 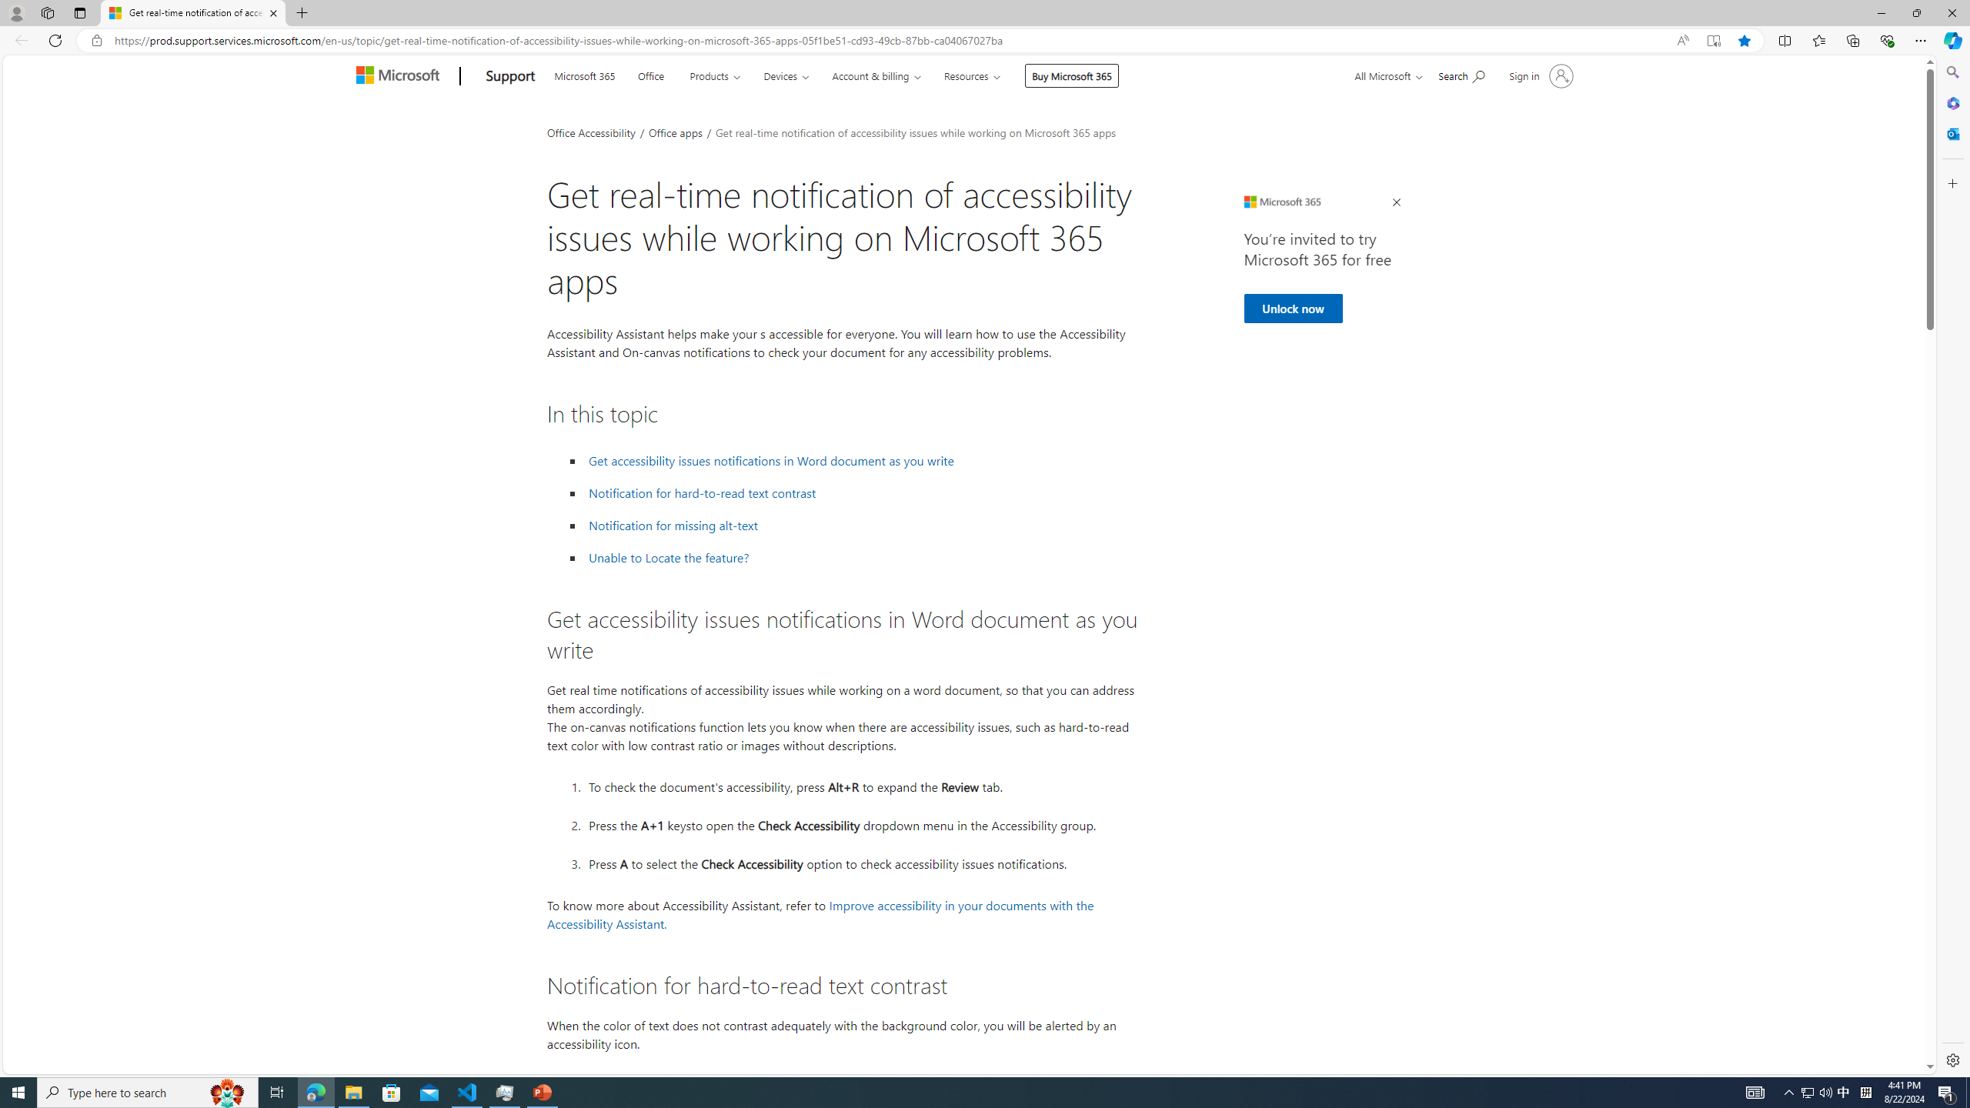 What do you see at coordinates (1461, 74) in the screenshot?
I see `'Search for help'` at bounding box center [1461, 74].